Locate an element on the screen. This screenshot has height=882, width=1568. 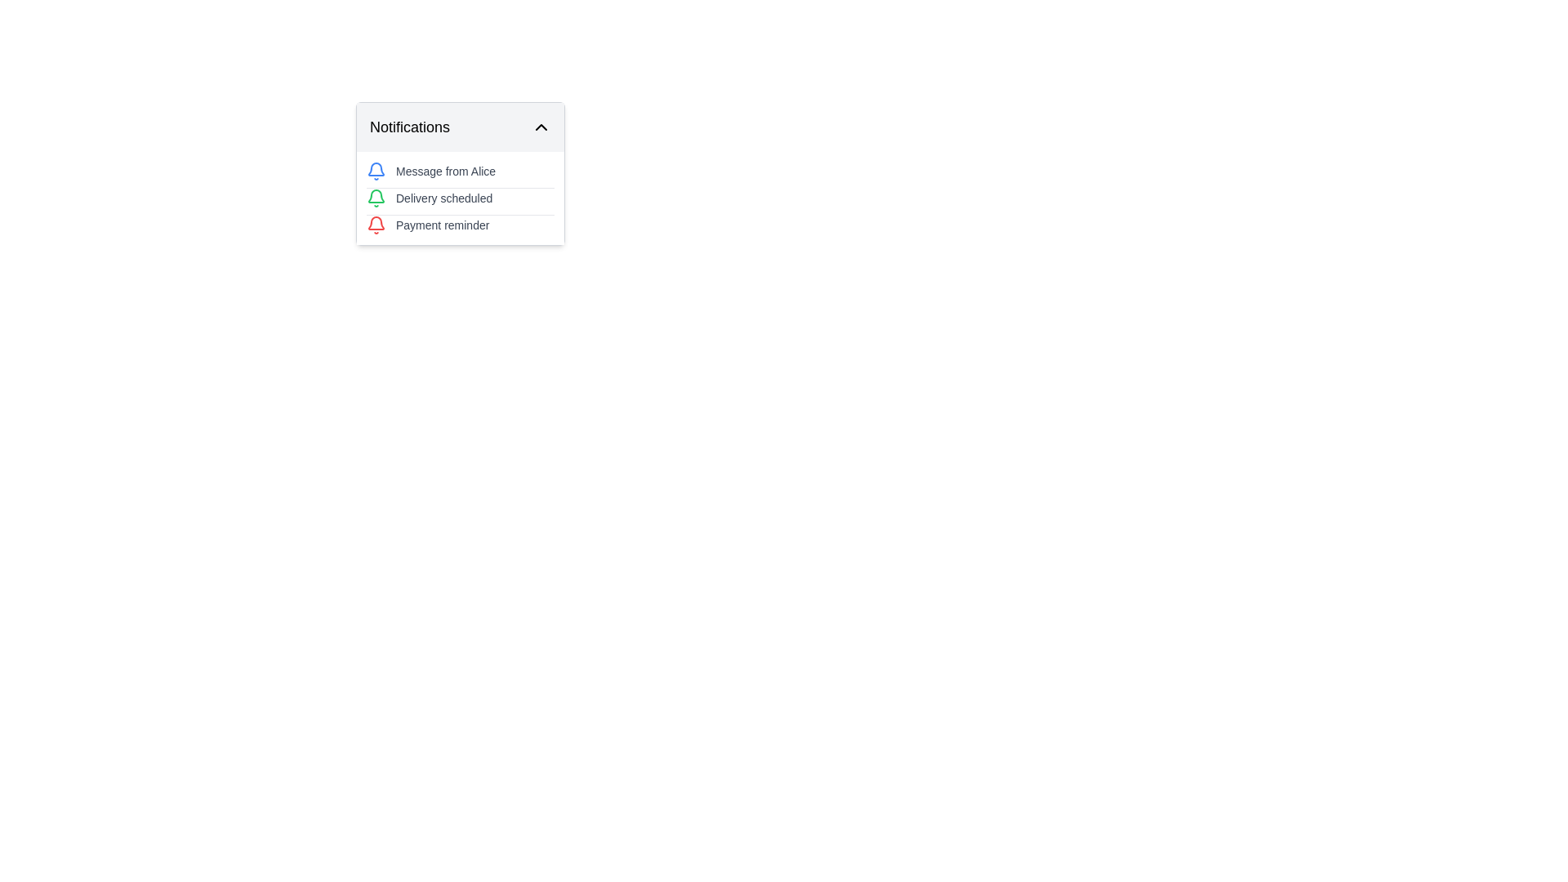
the text label that provides contextual information for the payment reminder, located below the 'Delivery scheduled' notification item in the notification panel is located at coordinates (443, 225).